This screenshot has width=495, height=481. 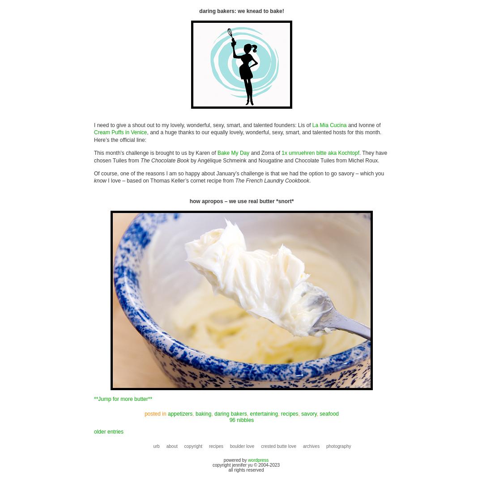 I want to click on 'seafood', so click(x=329, y=413).